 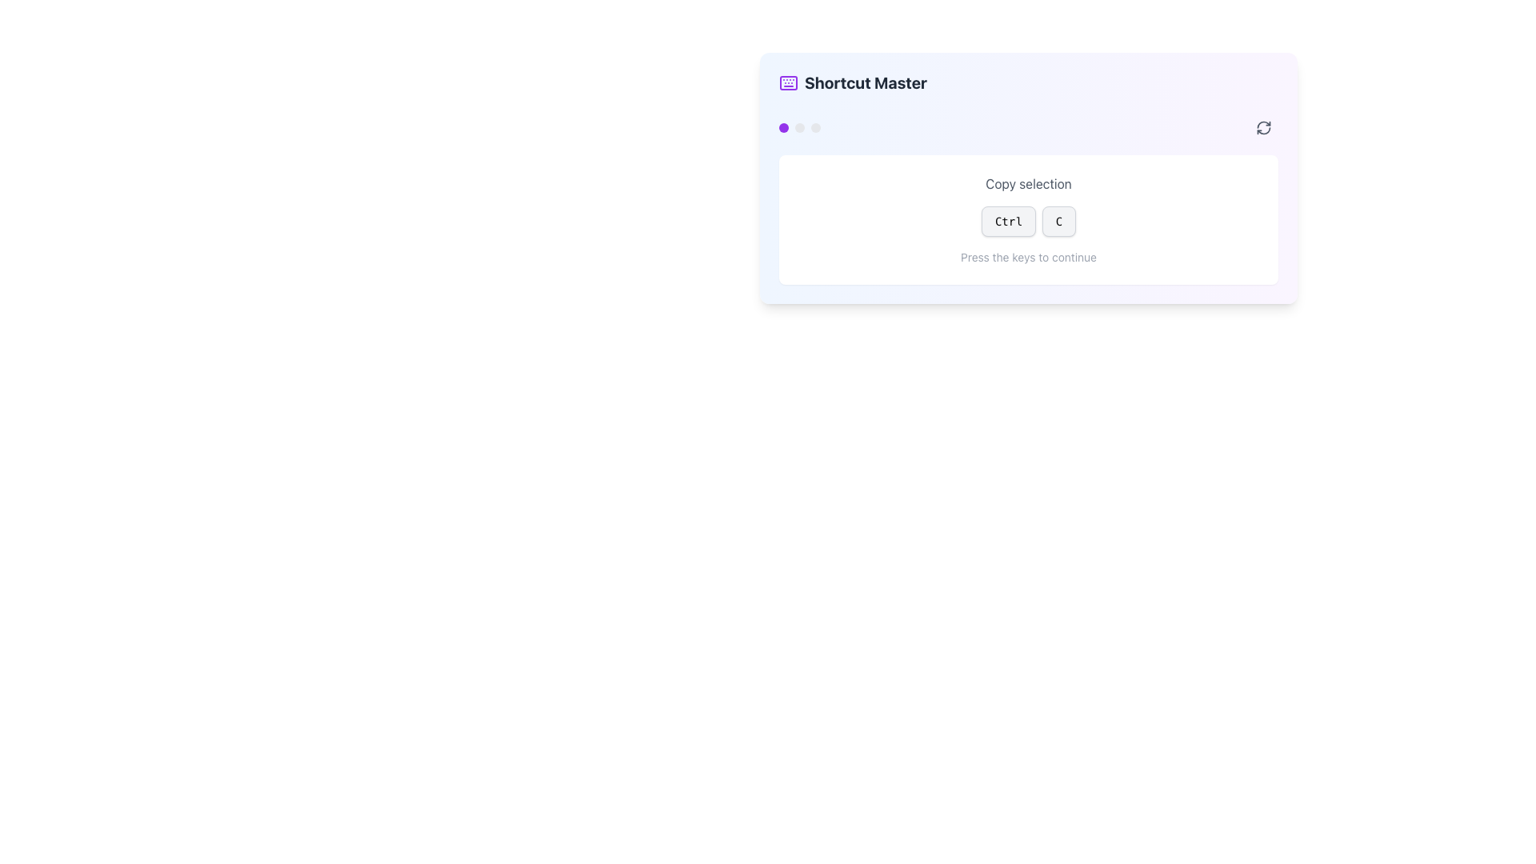 I want to click on the static text label located at the bottom of the 'Shortcut Master' card, which prompts the user to press certain keys, so click(x=1029, y=256).